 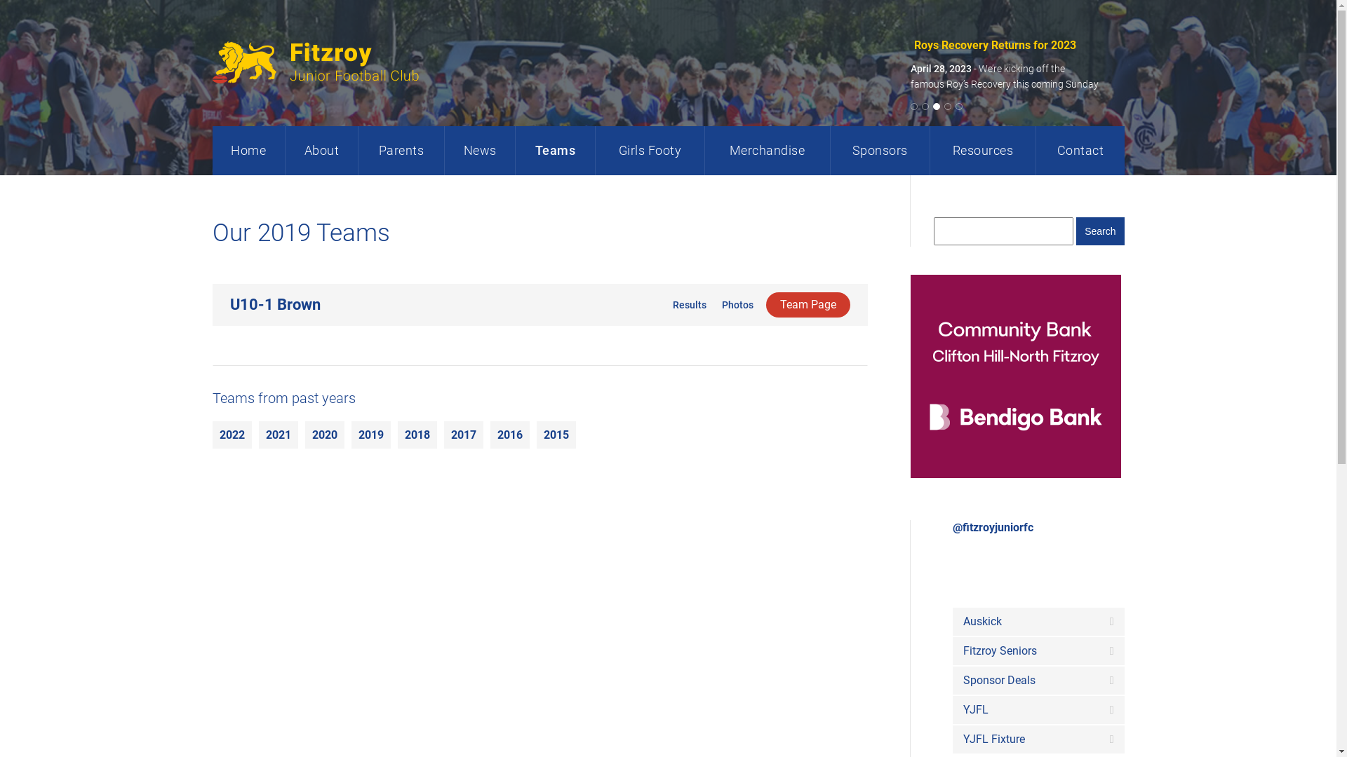 What do you see at coordinates (323, 434) in the screenshot?
I see `'2020'` at bounding box center [323, 434].